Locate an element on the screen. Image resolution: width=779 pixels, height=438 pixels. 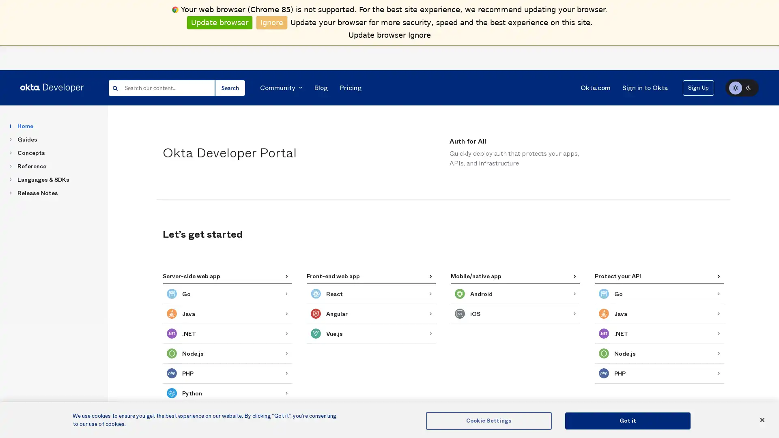
Close is located at coordinates (761, 419).